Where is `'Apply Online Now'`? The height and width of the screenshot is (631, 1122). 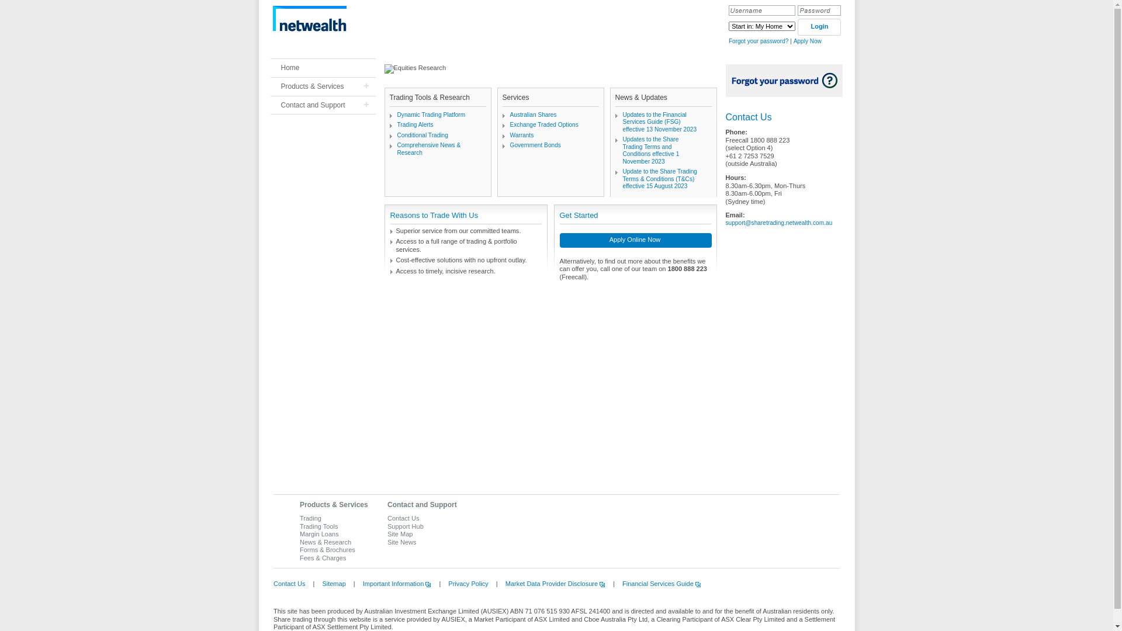
'Apply Online Now' is located at coordinates (559, 241).